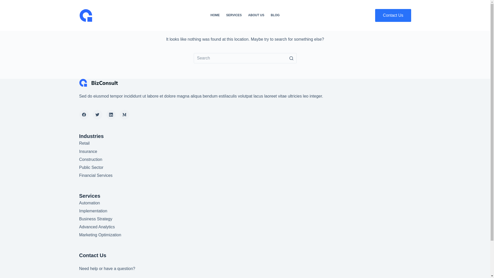  Describe the element at coordinates (0, 3) in the screenshot. I see `'Skip to content'` at that location.